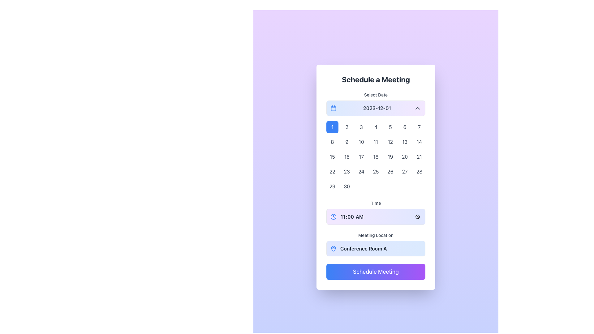 The height and width of the screenshot is (334, 594). I want to click on the calendar day button labeled '7', located in the first row, seventh column of the calendar grid, so click(419, 127).